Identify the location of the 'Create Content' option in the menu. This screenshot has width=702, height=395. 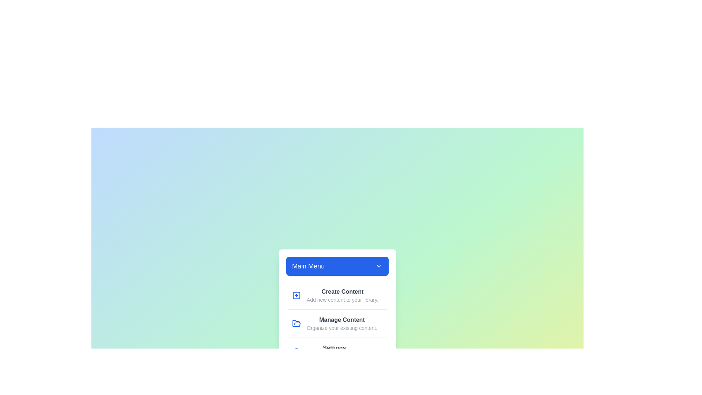
(337, 295).